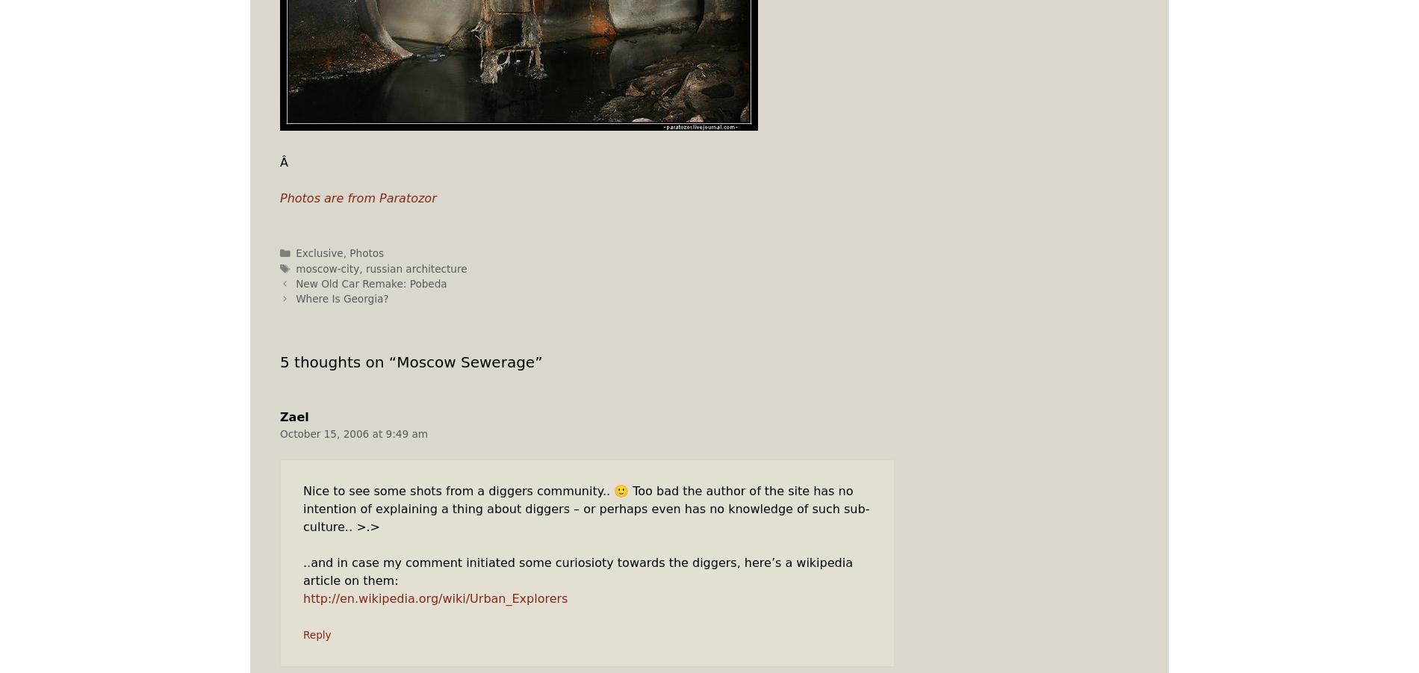 This screenshot has height=673, width=1419. What do you see at coordinates (365, 267) in the screenshot?
I see `'russian architecture'` at bounding box center [365, 267].